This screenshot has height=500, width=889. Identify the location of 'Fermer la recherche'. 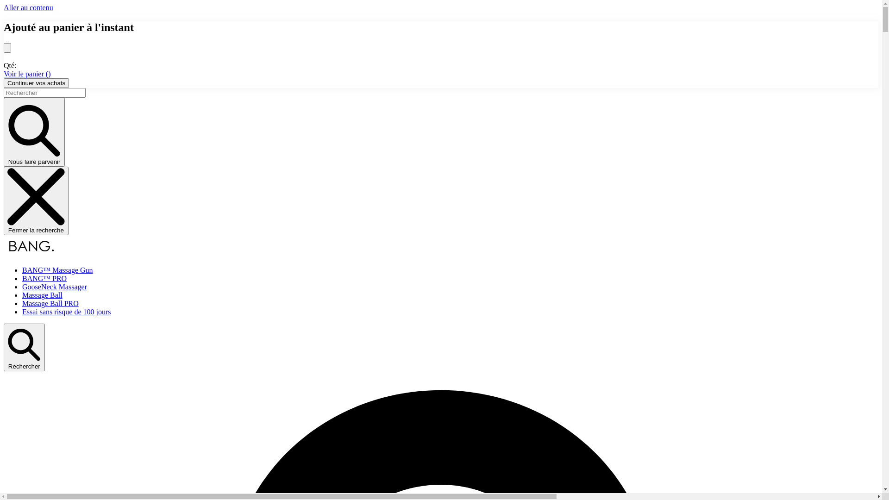
(4, 200).